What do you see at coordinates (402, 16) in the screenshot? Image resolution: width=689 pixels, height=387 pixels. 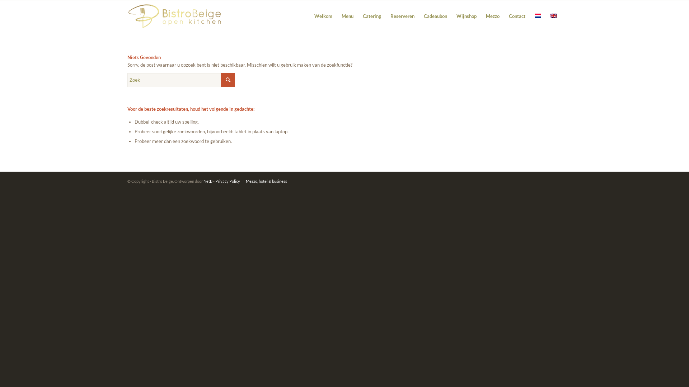 I see `'Reserveren'` at bounding box center [402, 16].